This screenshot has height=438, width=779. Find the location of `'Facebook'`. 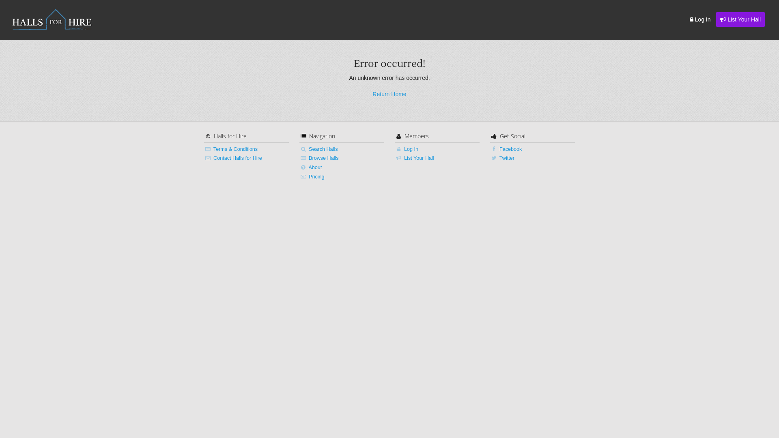

'Facebook' is located at coordinates (533, 149).